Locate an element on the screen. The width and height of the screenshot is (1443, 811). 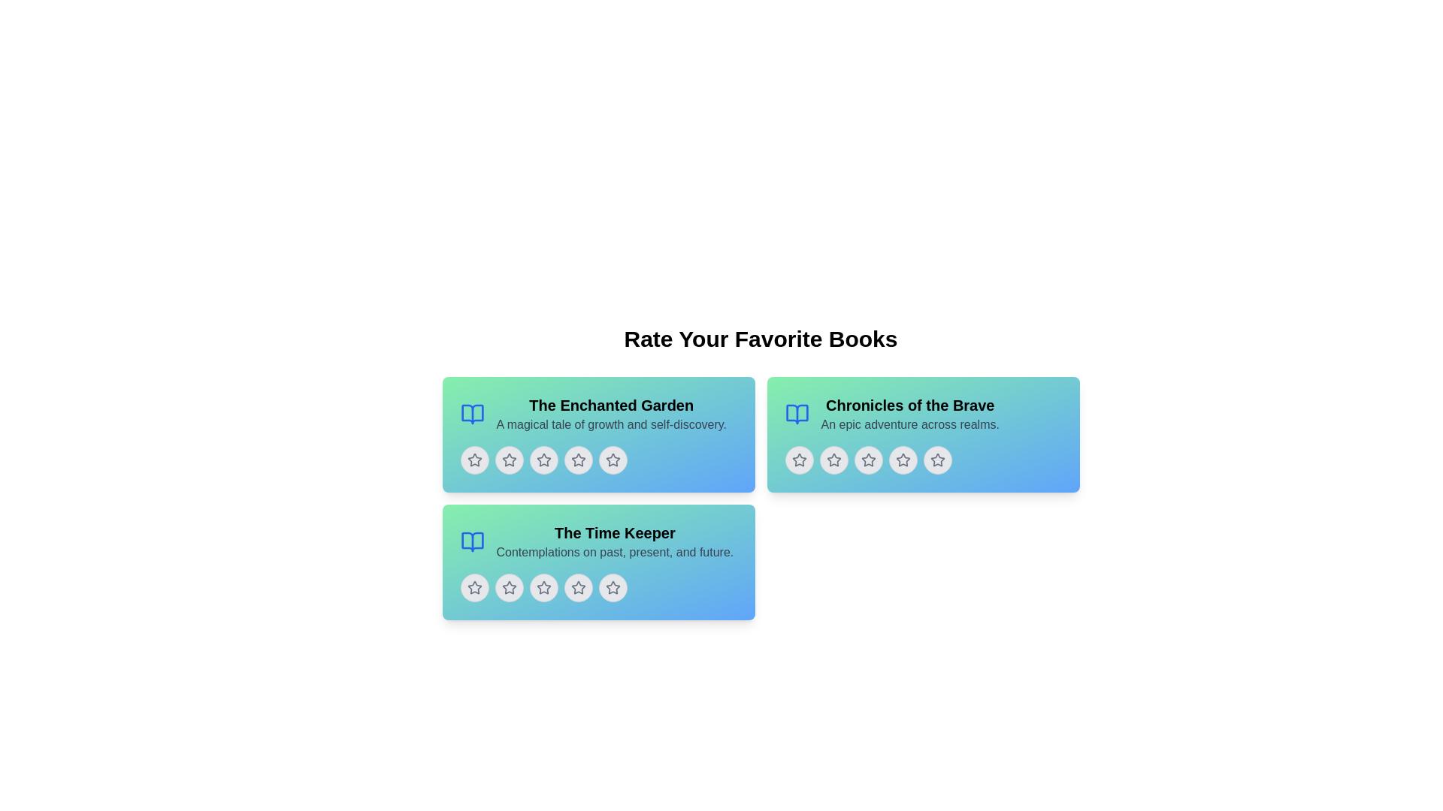
the second star-shaped icon in the rating system located below the book card titled 'Chronicles of the Brave' for accessibility purposes is located at coordinates (868, 459).